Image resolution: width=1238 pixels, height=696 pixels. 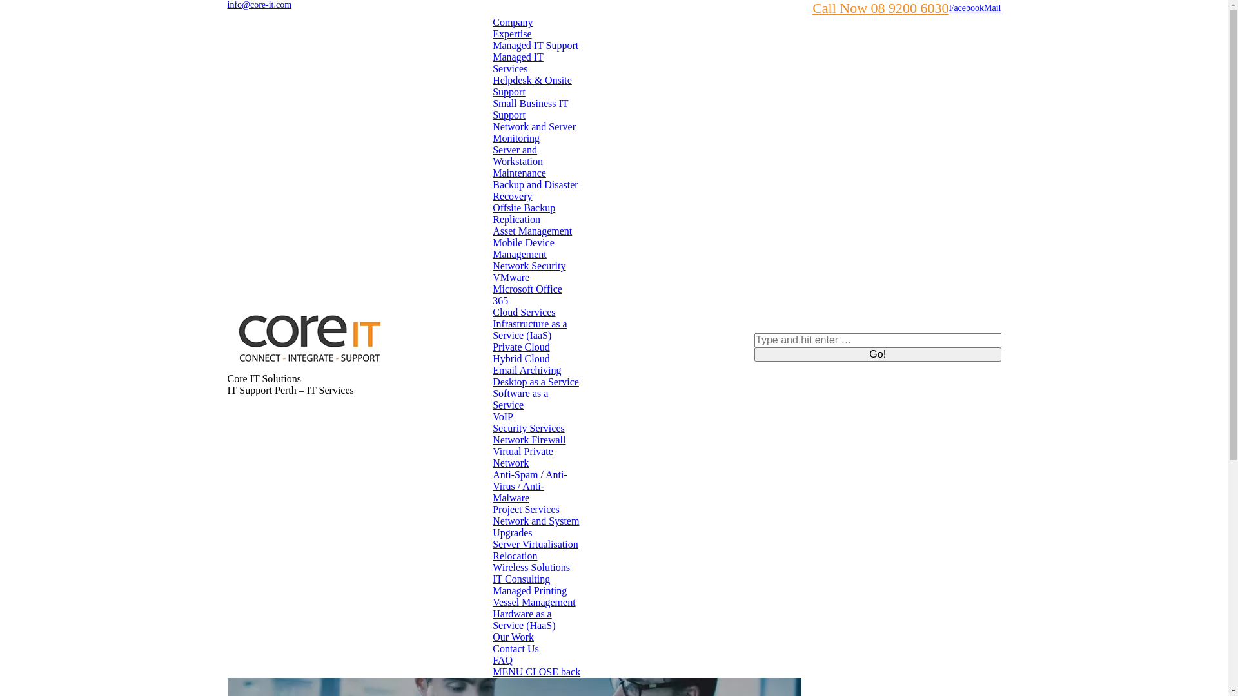 What do you see at coordinates (529, 428) in the screenshot?
I see `'Security Services'` at bounding box center [529, 428].